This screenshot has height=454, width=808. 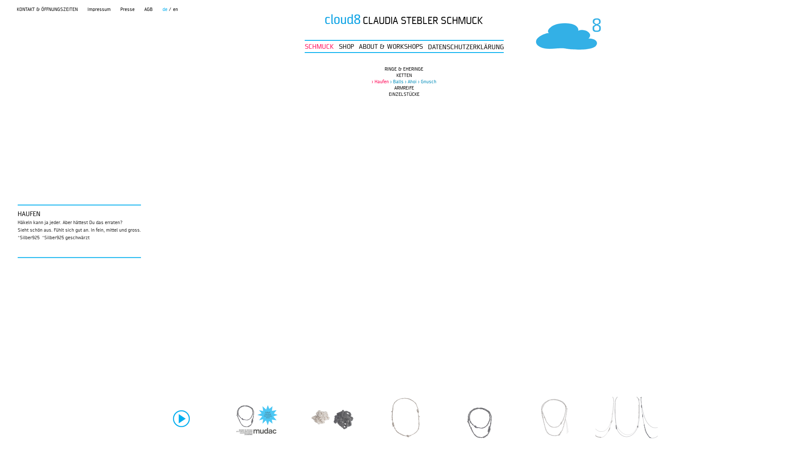 What do you see at coordinates (410, 82) in the screenshot?
I see `'Ahoi'` at bounding box center [410, 82].